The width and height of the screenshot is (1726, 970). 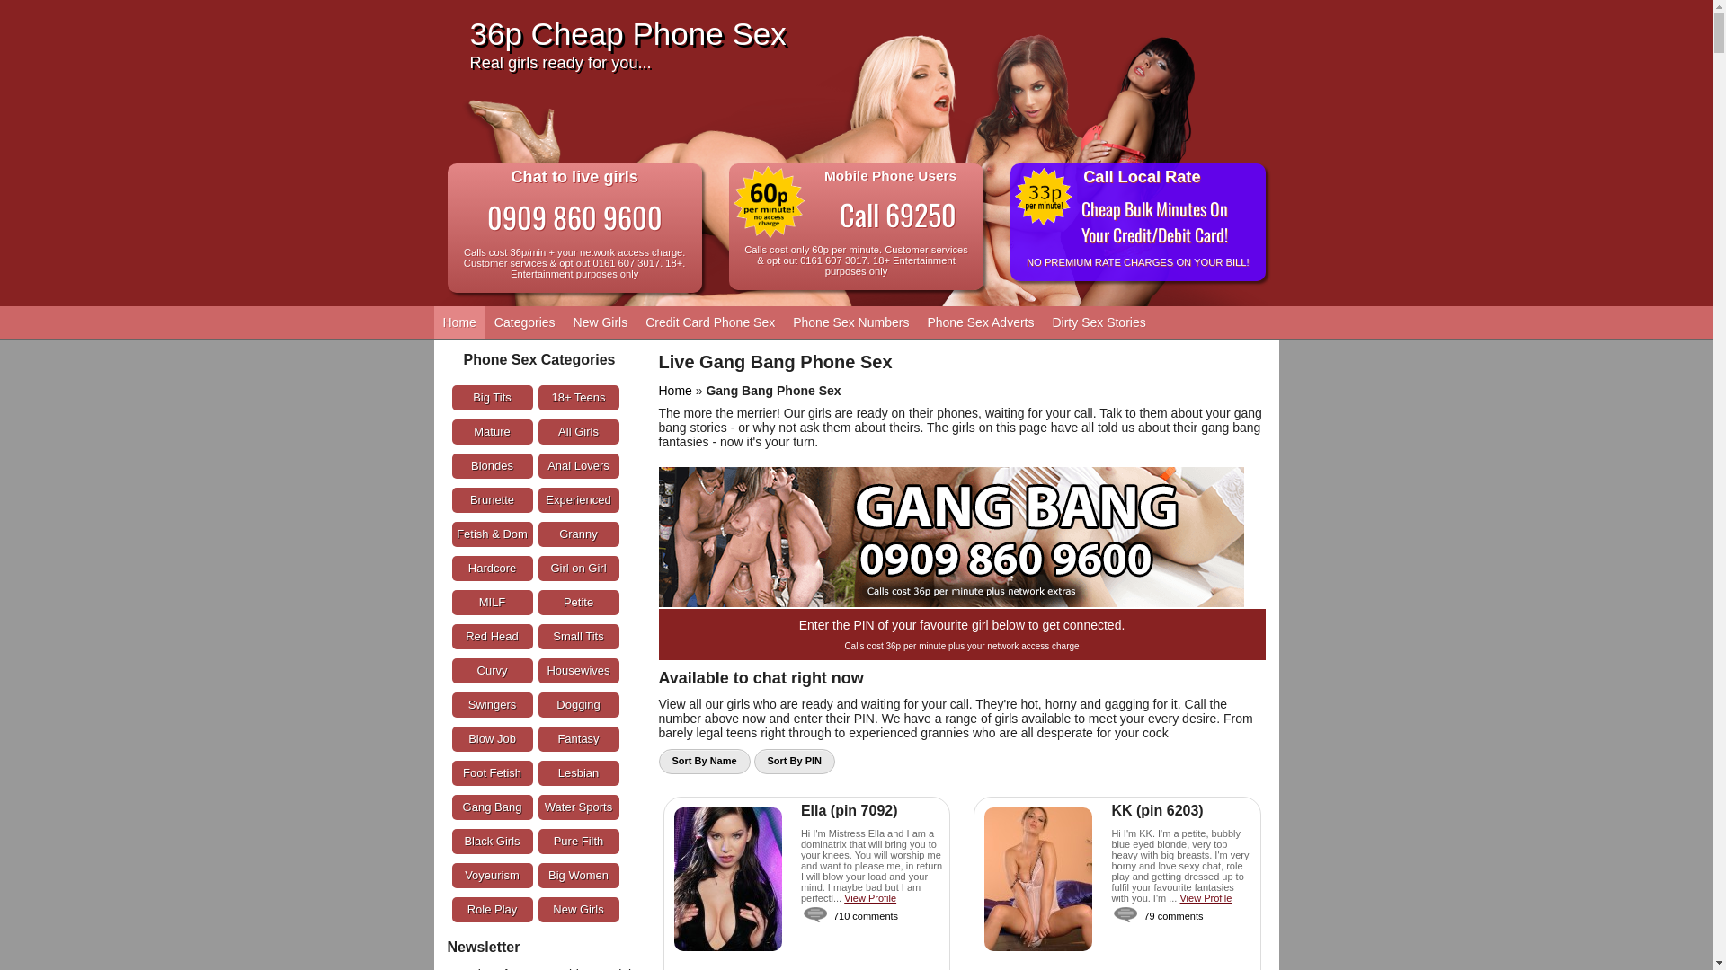 I want to click on 'Girl on Girl', so click(x=537, y=568).